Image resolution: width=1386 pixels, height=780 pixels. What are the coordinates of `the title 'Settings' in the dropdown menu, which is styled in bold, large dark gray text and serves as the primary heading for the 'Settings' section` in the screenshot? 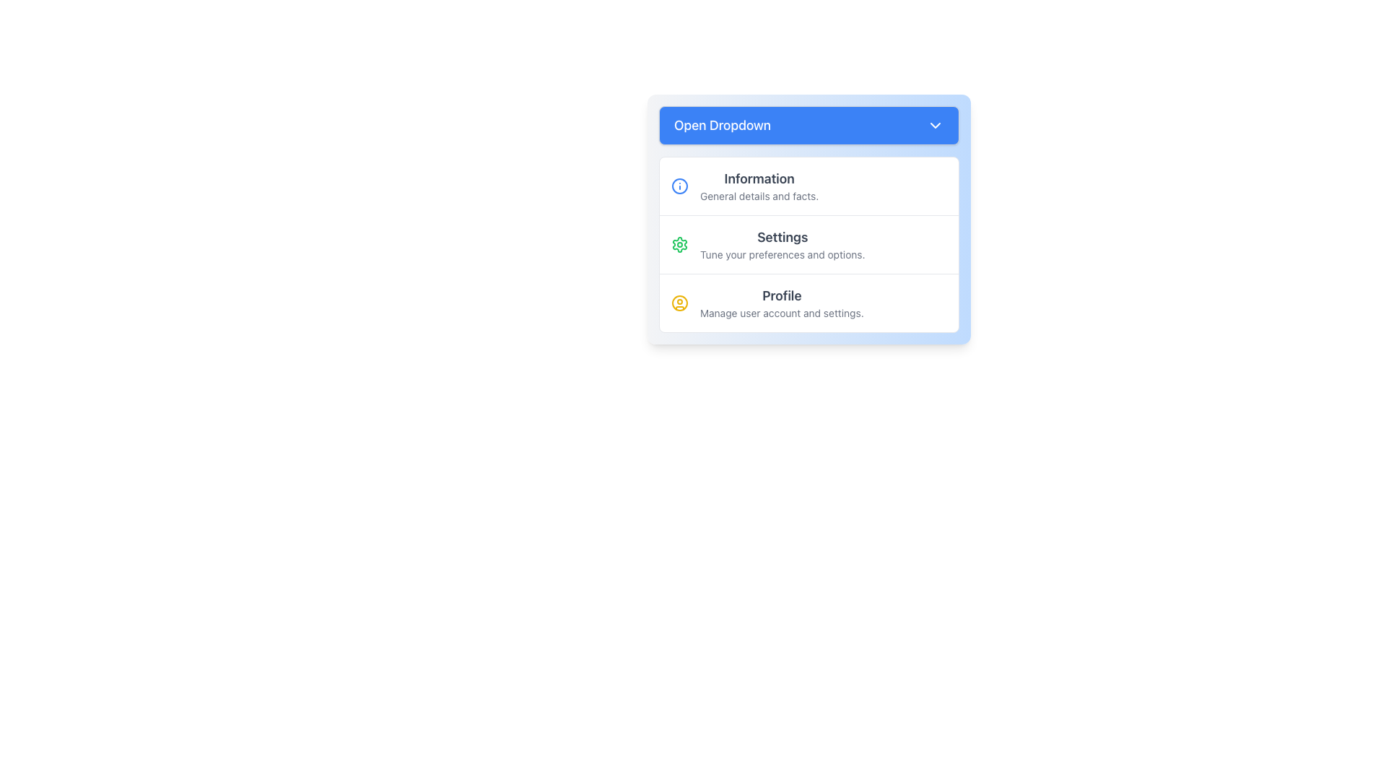 It's located at (782, 236).